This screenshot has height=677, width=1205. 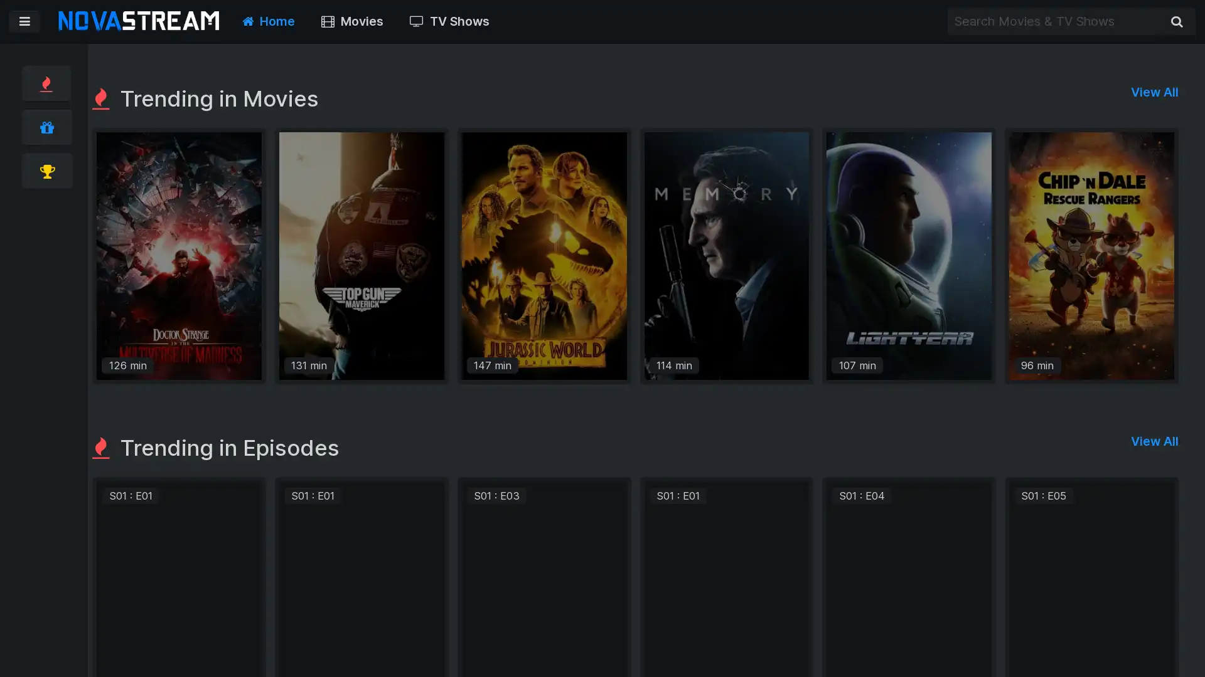 What do you see at coordinates (1154, 434) in the screenshot?
I see `View All` at bounding box center [1154, 434].